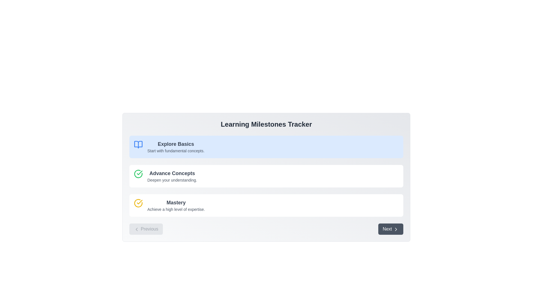 The image size is (540, 304). What do you see at coordinates (175, 144) in the screenshot?
I see `the 'Explore Basics' text label, which is a bold, large gray font element centrally aligned at the top of its section` at bounding box center [175, 144].